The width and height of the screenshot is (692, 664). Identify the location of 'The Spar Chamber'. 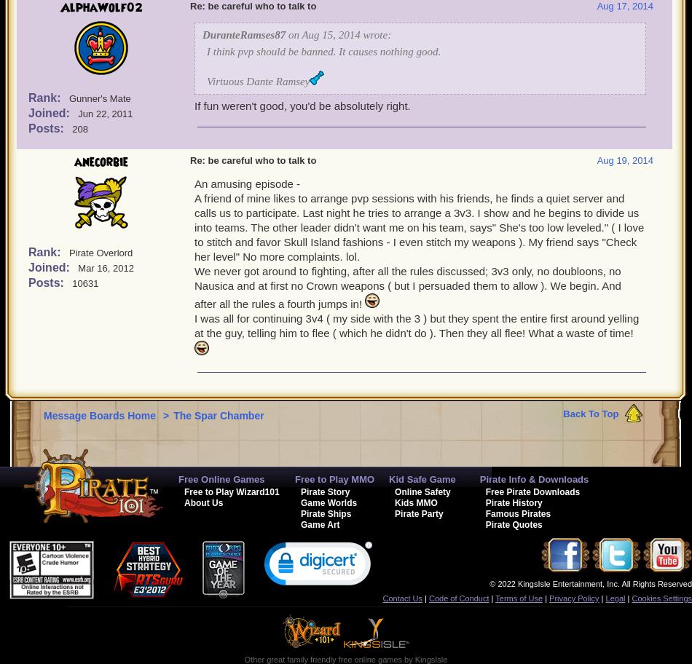
(218, 415).